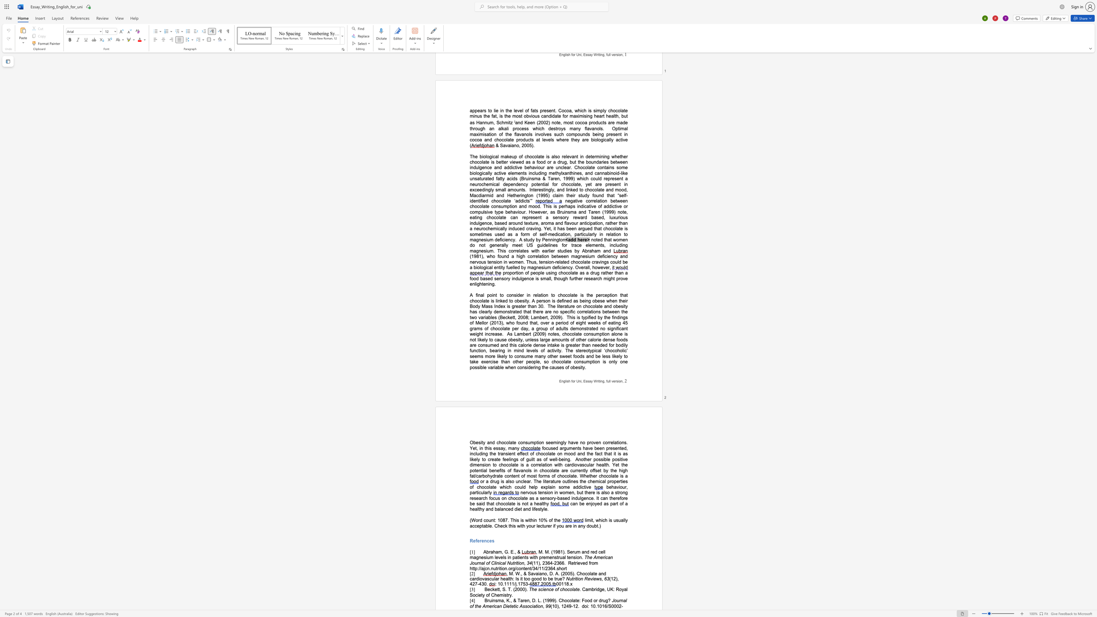 The height and width of the screenshot is (617, 1097). What do you see at coordinates (530, 442) in the screenshot?
I see `the space between the continuous character "u" and "m" in the text` at bounding box center [530, 442].